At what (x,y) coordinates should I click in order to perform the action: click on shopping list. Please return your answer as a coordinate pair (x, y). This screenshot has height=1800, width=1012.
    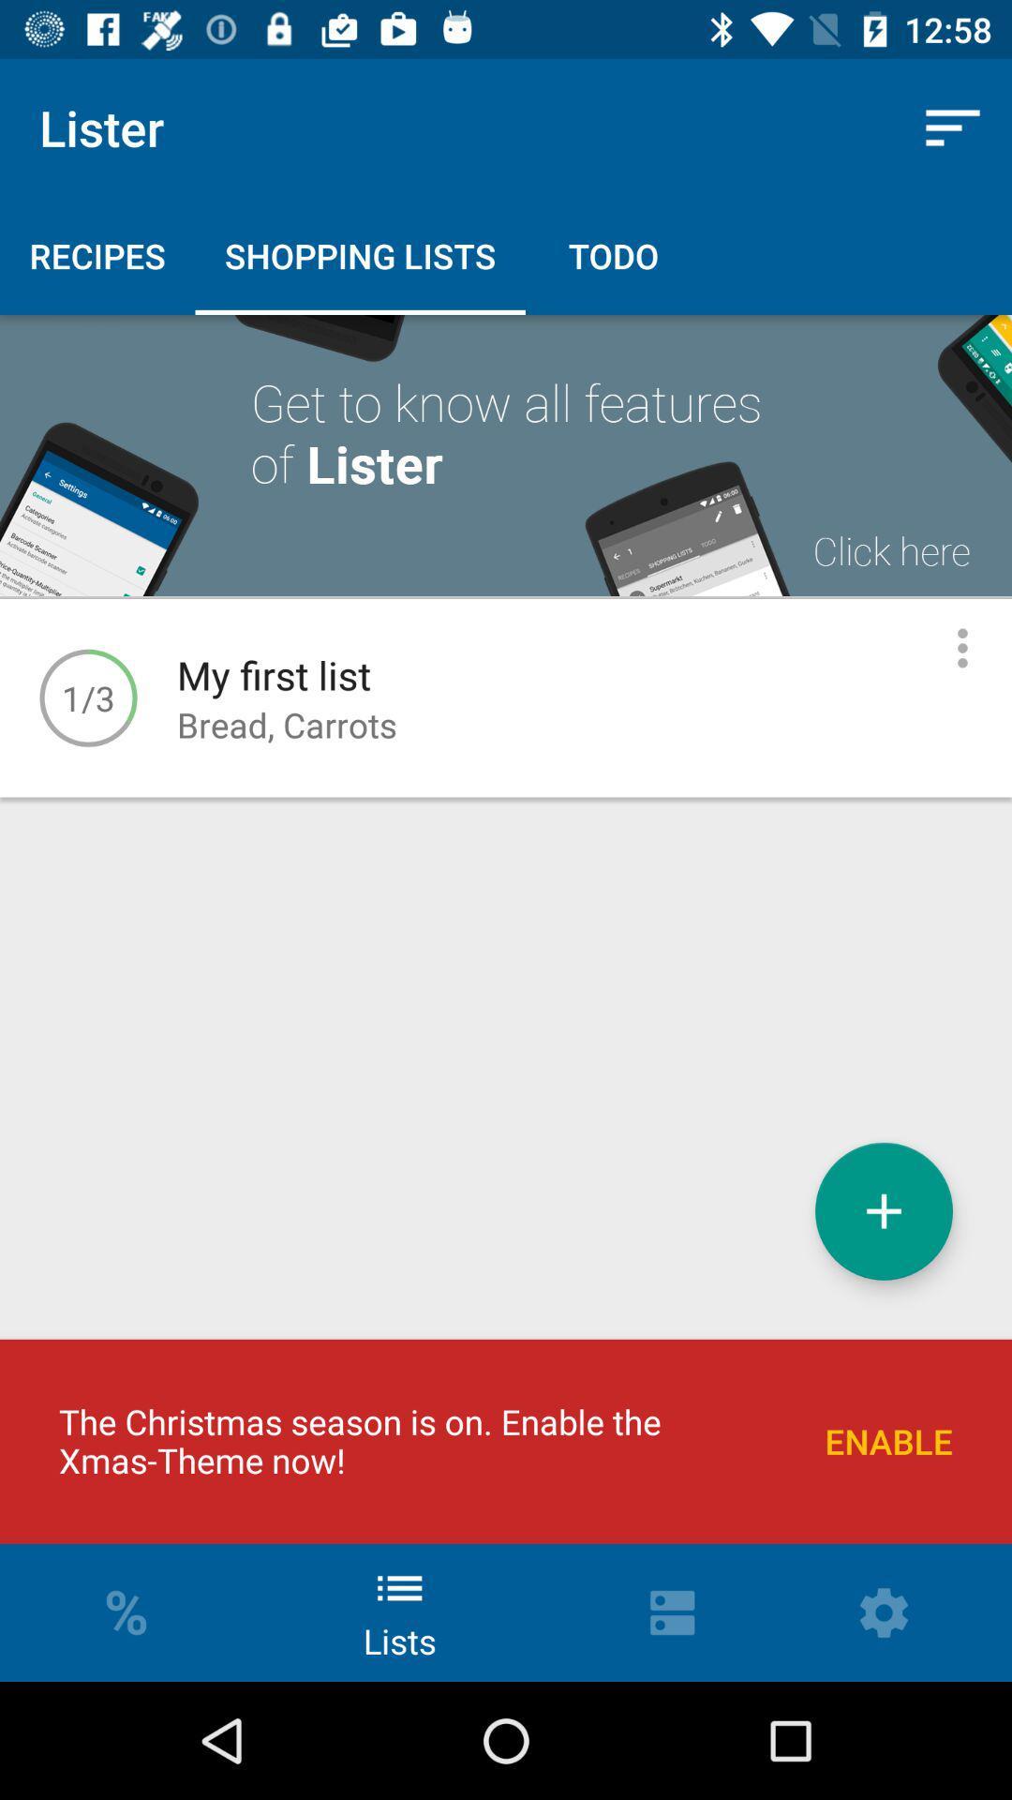
    Looking at the image, I should click on (884, 1211).